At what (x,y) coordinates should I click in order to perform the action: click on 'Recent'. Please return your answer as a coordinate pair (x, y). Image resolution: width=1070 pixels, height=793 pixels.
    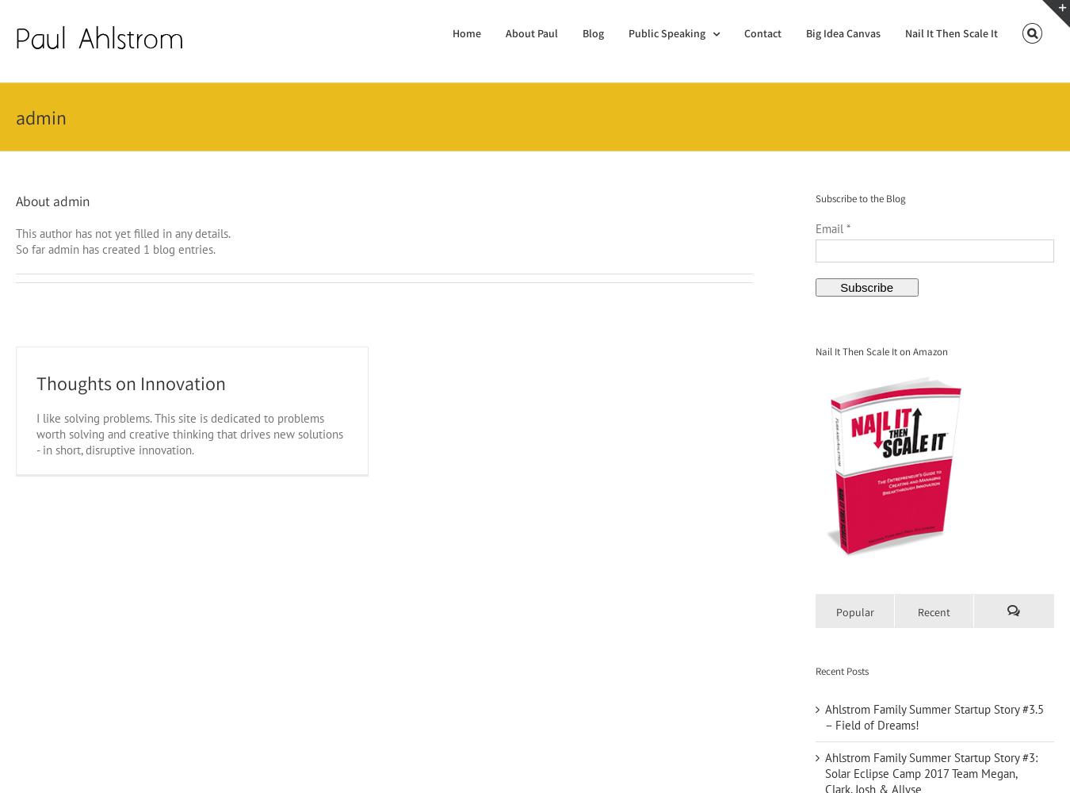
    Looking at the image, I should click on (933, 611).